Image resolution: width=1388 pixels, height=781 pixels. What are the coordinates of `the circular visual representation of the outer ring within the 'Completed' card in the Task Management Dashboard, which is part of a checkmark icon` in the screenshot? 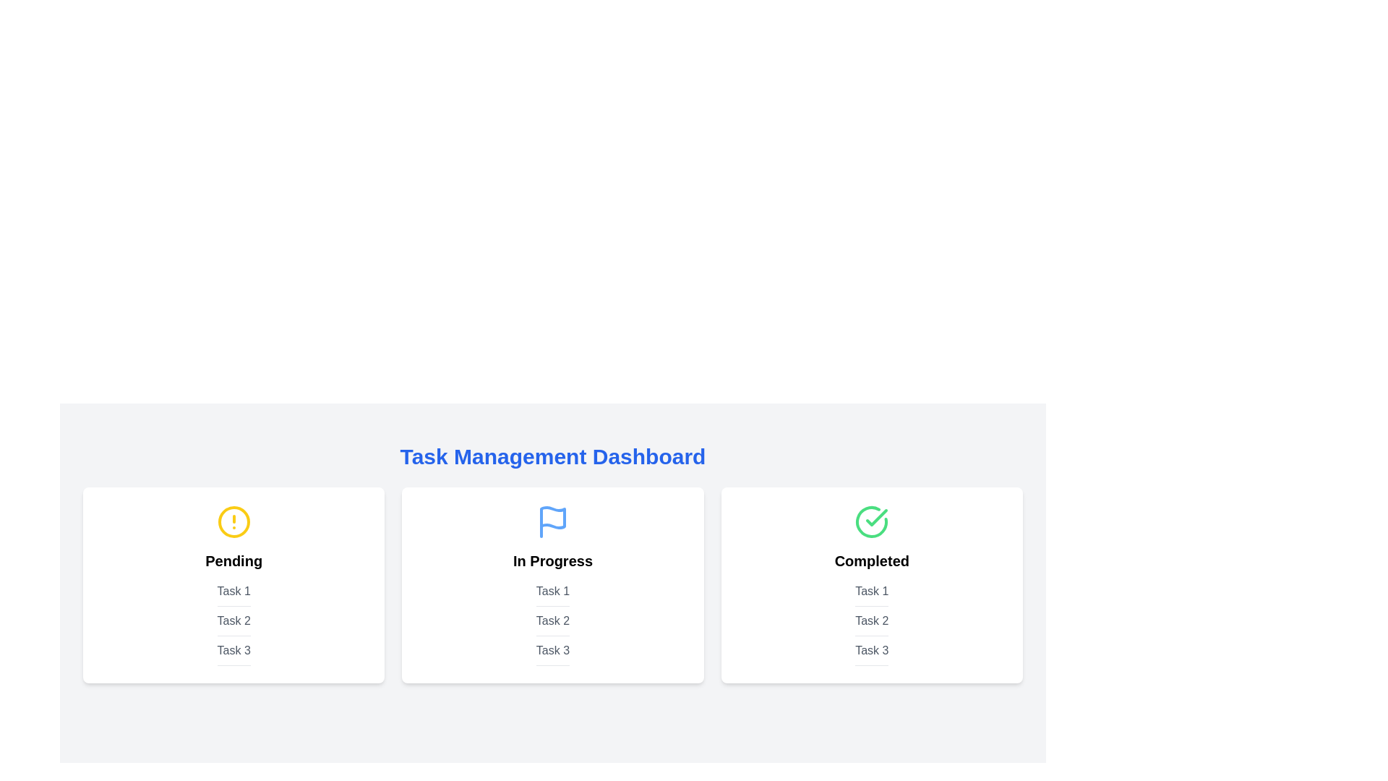 It's located at (871, 521).